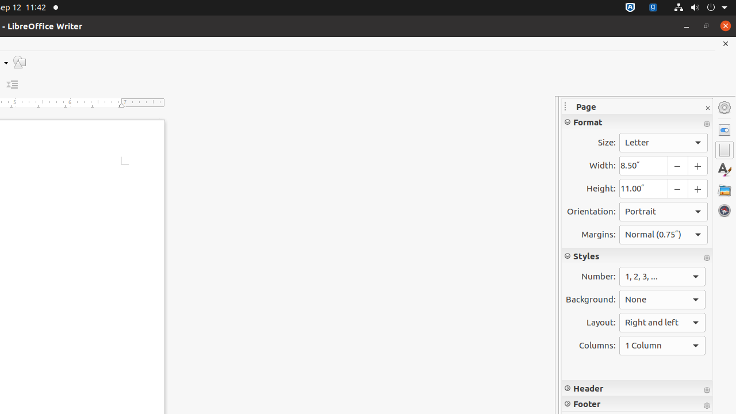  I want to click on 'Close Sidebar Deck', so click(707, 108).